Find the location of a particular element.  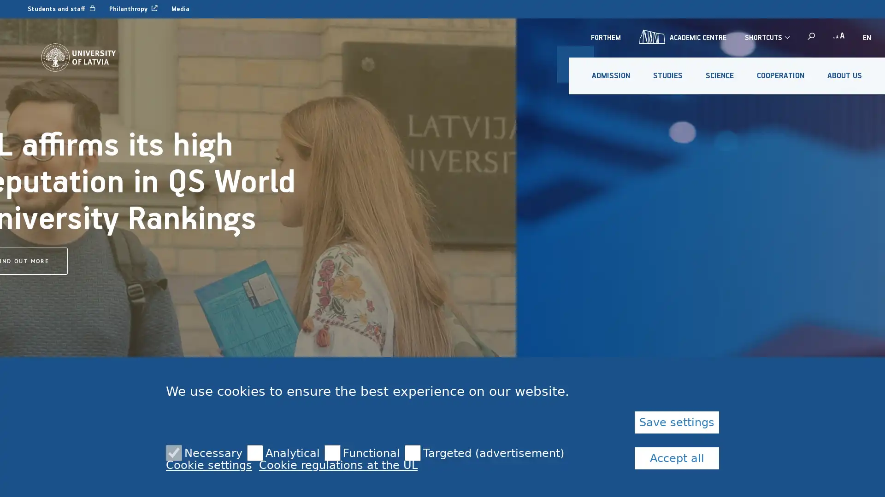

ADMISSION is located at coordinates (611, 75).